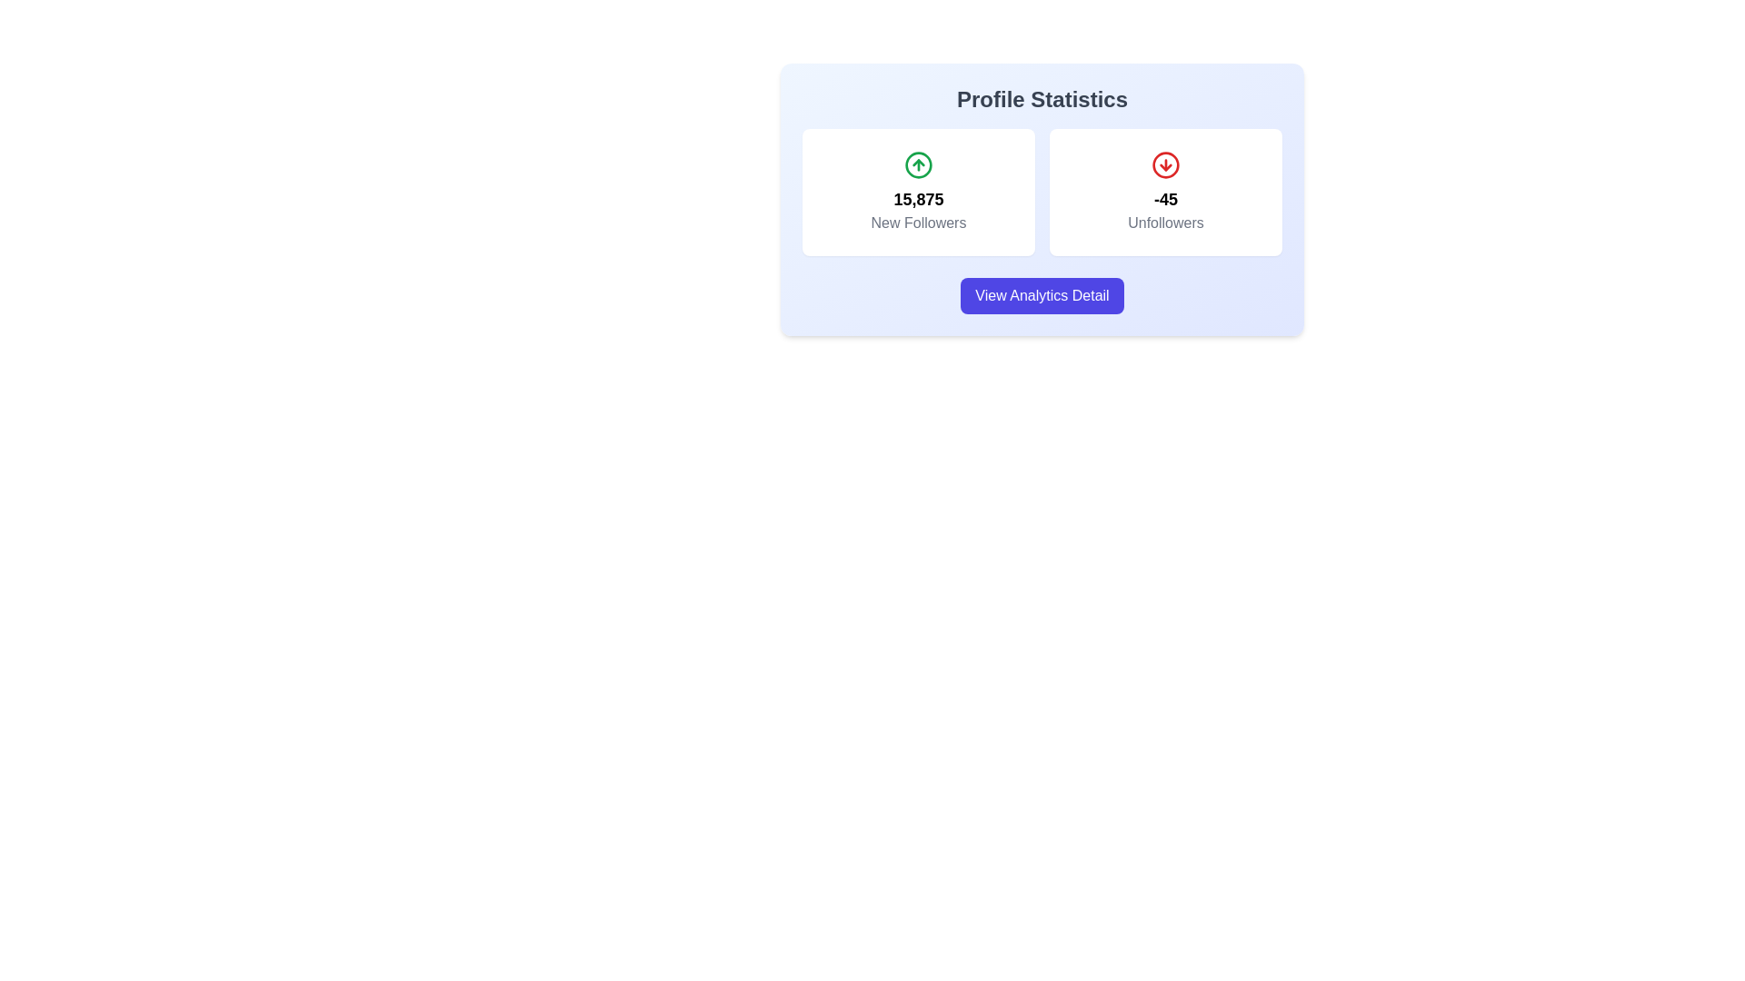 This screenshot has width=1745, height=981. What do you see at coordinates (919, 164) in the screenshot?
I see `the circular icon with a green outline and an upward-pointing arrow located under the 'Profile Statistics' section, above the number '15,875'` at bounding box center [919, 164].